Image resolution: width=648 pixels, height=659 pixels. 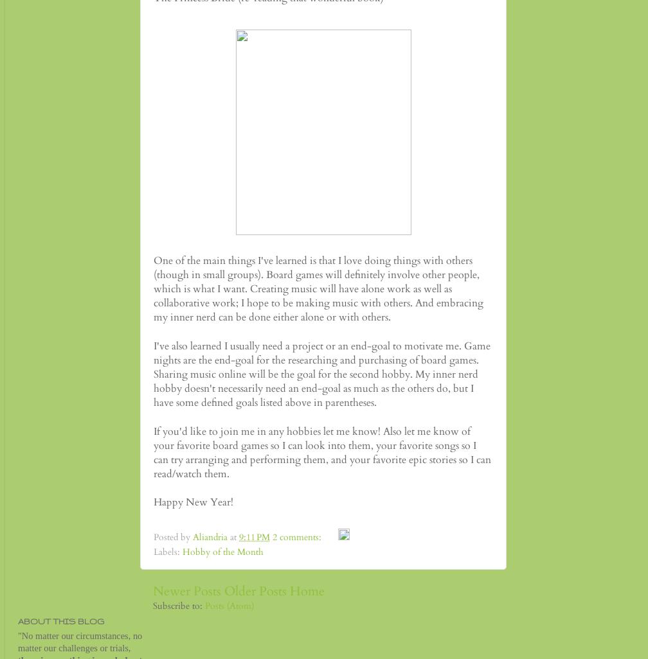 I want to click on 'Labels:', so click(x=153, y=552).